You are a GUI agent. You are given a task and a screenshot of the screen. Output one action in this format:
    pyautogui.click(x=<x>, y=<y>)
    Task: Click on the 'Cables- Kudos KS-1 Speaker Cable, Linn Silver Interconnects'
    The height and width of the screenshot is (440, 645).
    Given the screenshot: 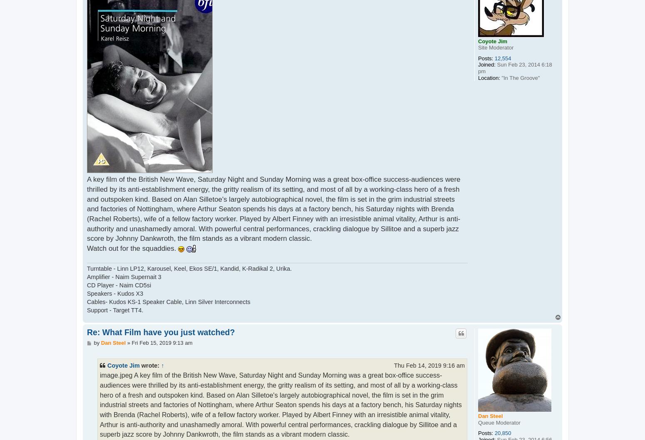 What is the action you would take?
    pyautogui.click(x=169, y=302)
    